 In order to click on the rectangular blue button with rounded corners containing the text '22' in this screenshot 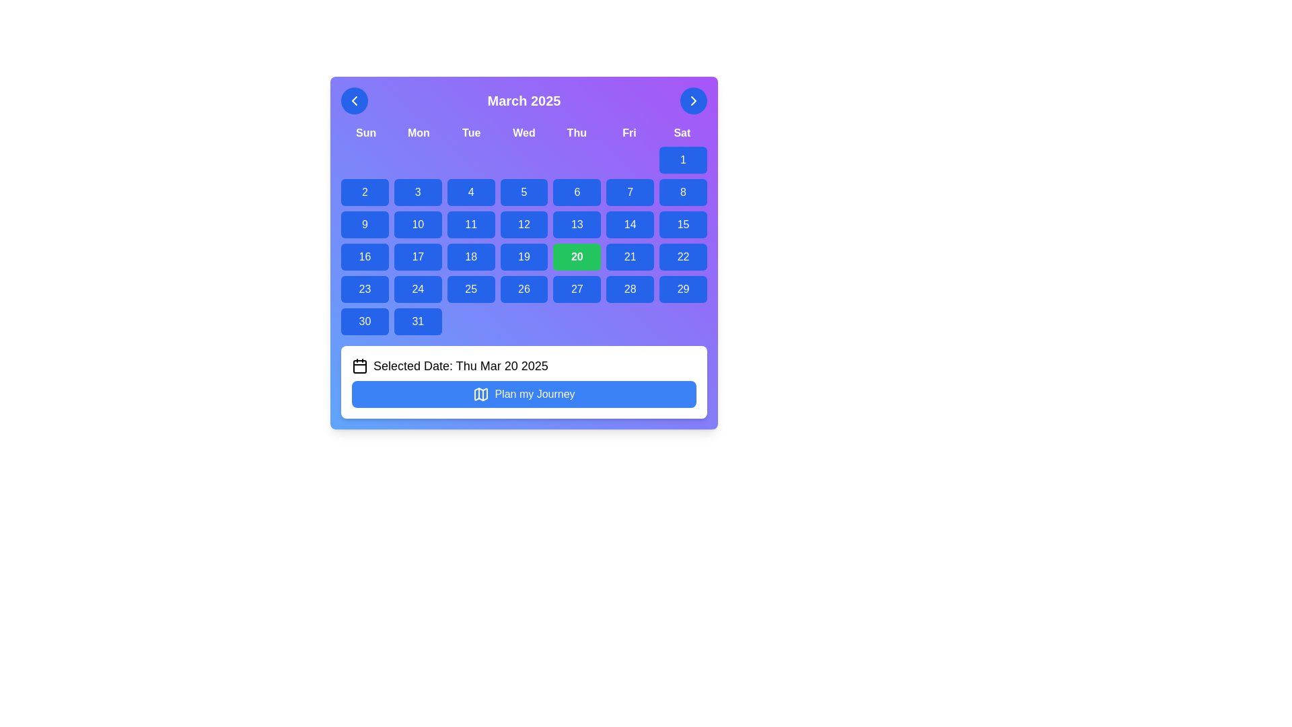, I will do `click(683, 256)`.